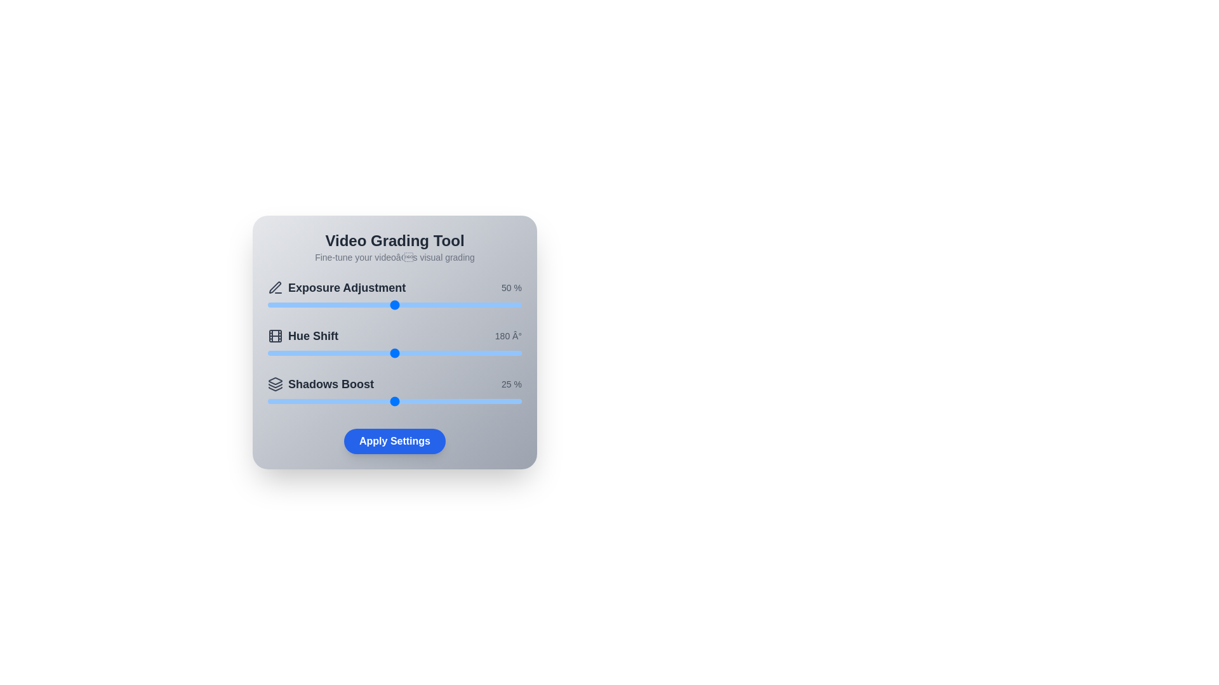  Describe the element at coordinates (403, 353) in the screenshot. I see `the hue shift` at that location.